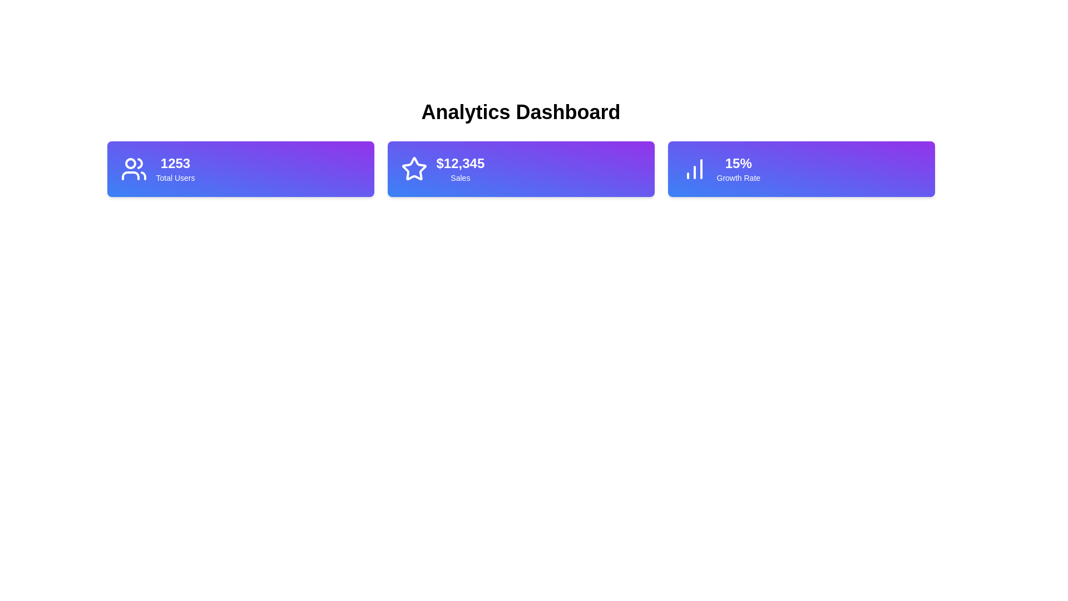 The image size is (1068, 601). I want to click on displayed sales data of $12,345 from the stat card, which is the second card in a horizontal layout between the '1253 Total Users' card and the '15% Growth Rate' card, so click(520, 169).